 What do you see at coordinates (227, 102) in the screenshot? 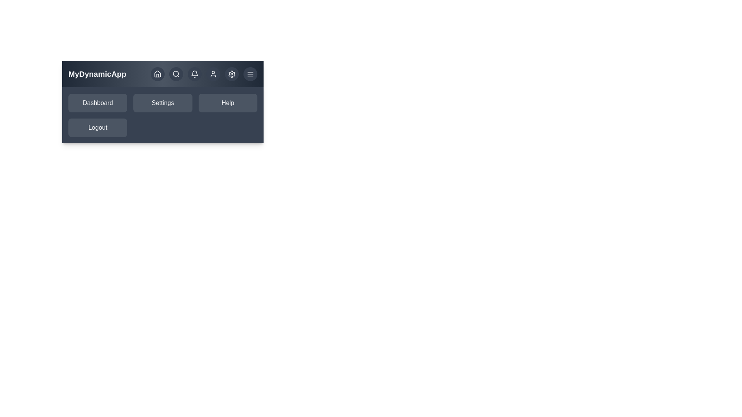
I see `the Help from the menu` at bounding box center [227, 102].